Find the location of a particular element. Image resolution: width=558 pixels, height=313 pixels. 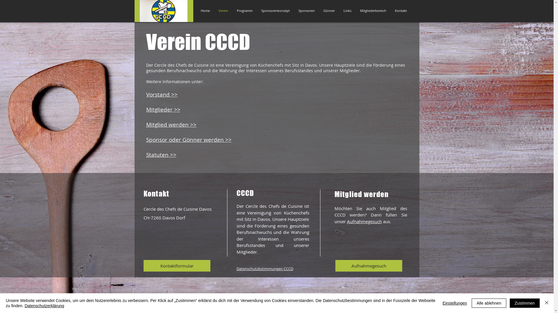

'Programm' is located at coordinates (244, 11).